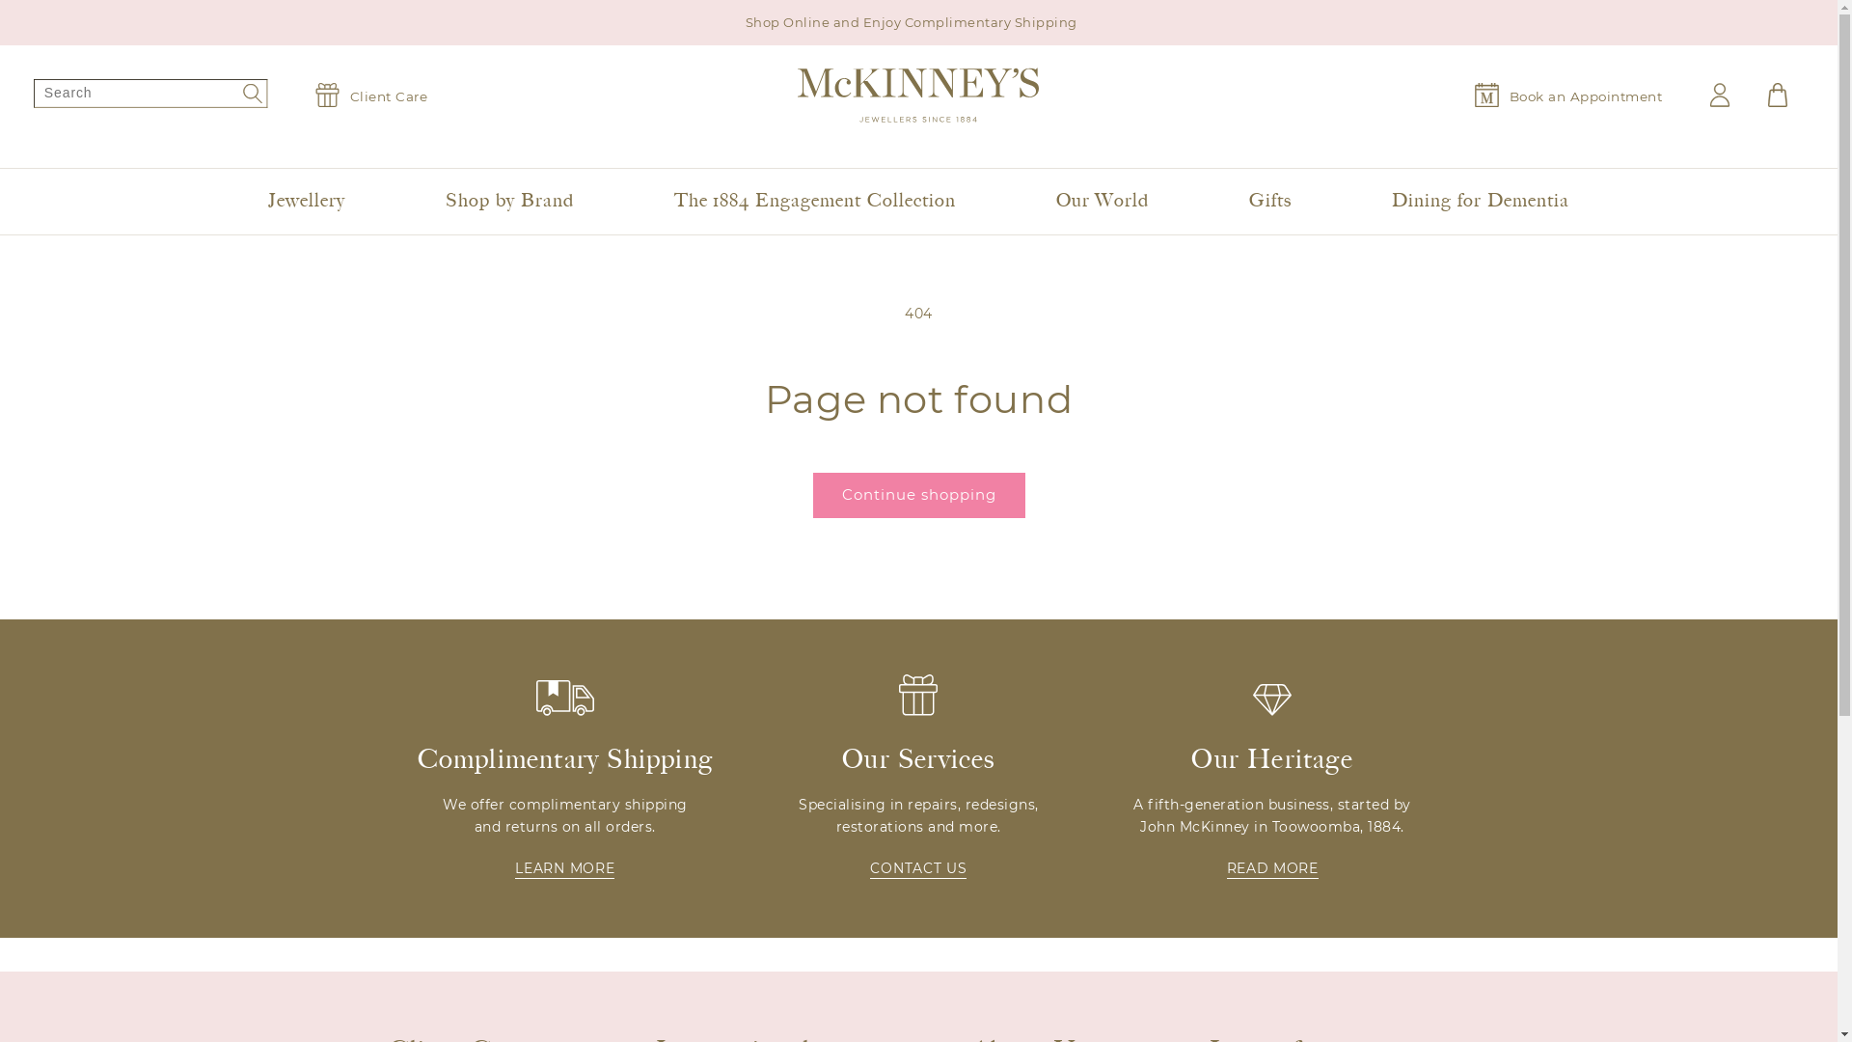 The image size is (1852, 1042). I want to click on 'The 1884 Engagement Collection', so click(814, 201).